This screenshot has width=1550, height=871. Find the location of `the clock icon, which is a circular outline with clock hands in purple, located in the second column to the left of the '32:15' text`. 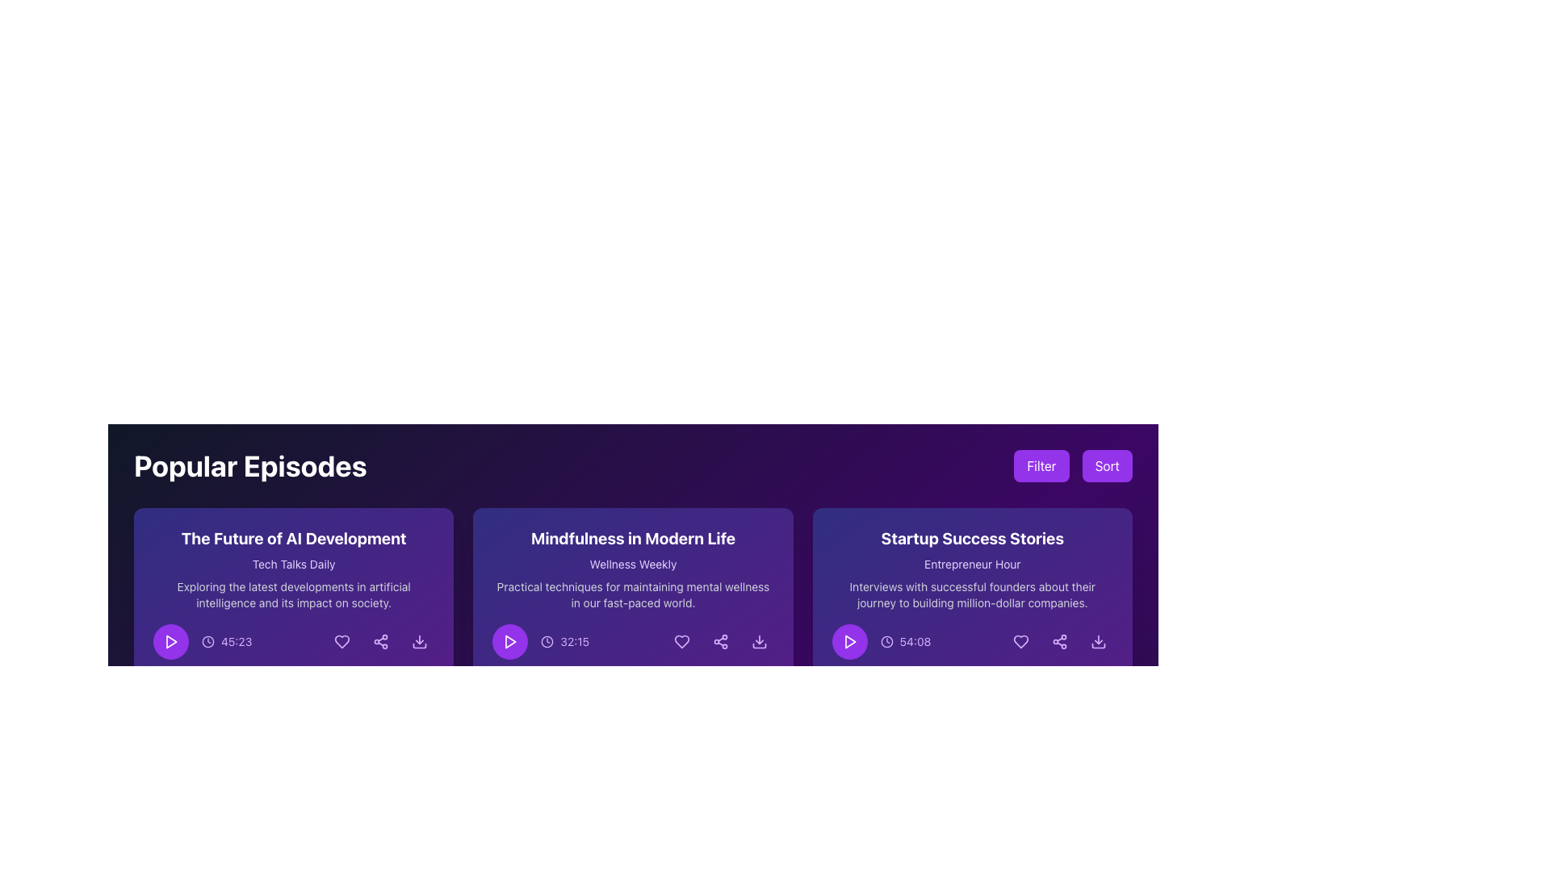

the clock icon, which is a circular outline with clock hands in purple, located in the second column to the left of the '32:15' text is located at coordinates (547, 640).